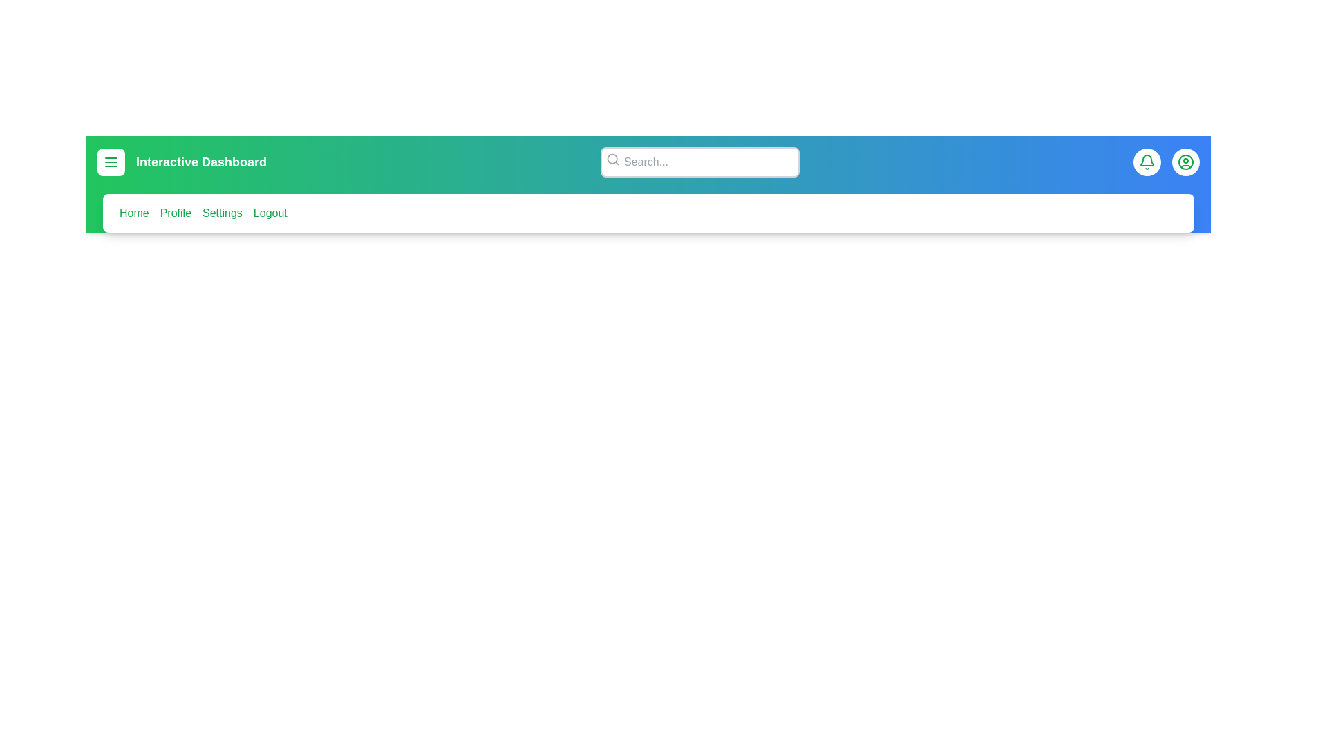 This screenshot has height=746, width=1327. What do you see at coordinates (1147, 162) in the screenshot?
I see `the bell icon to view notifications` at bounding box center [1147, 162].